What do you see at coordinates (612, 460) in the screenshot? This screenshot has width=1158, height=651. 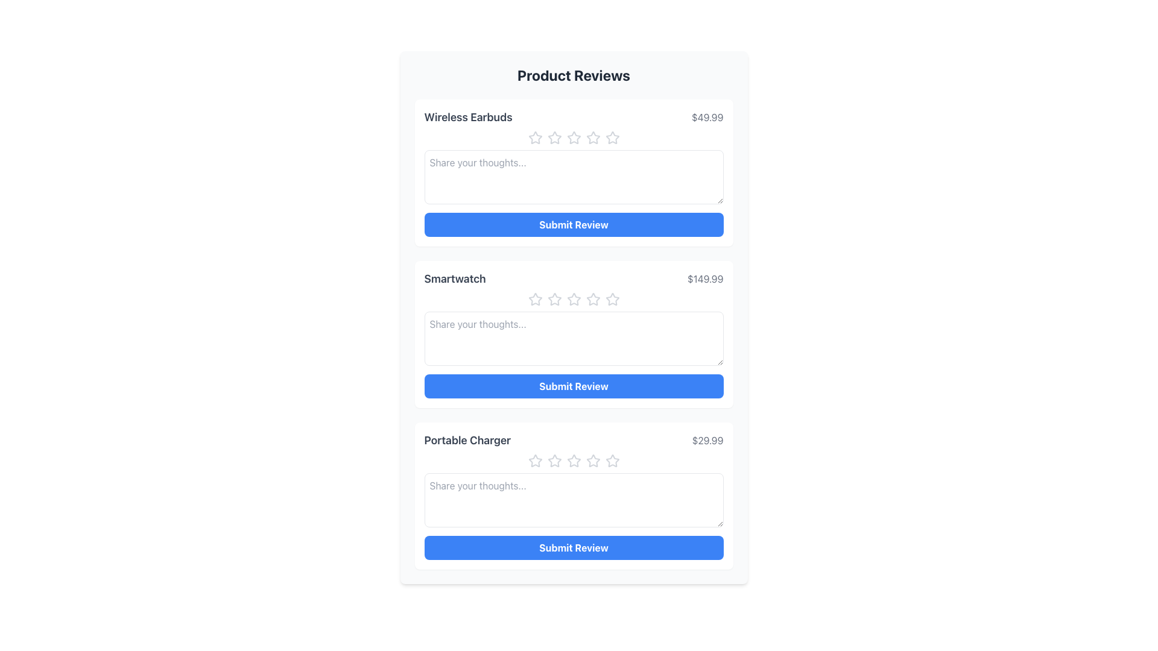 I see `the fifth star in the rating section below the 'Portable Charger' product to rate it` at bounding box center [612, 460].